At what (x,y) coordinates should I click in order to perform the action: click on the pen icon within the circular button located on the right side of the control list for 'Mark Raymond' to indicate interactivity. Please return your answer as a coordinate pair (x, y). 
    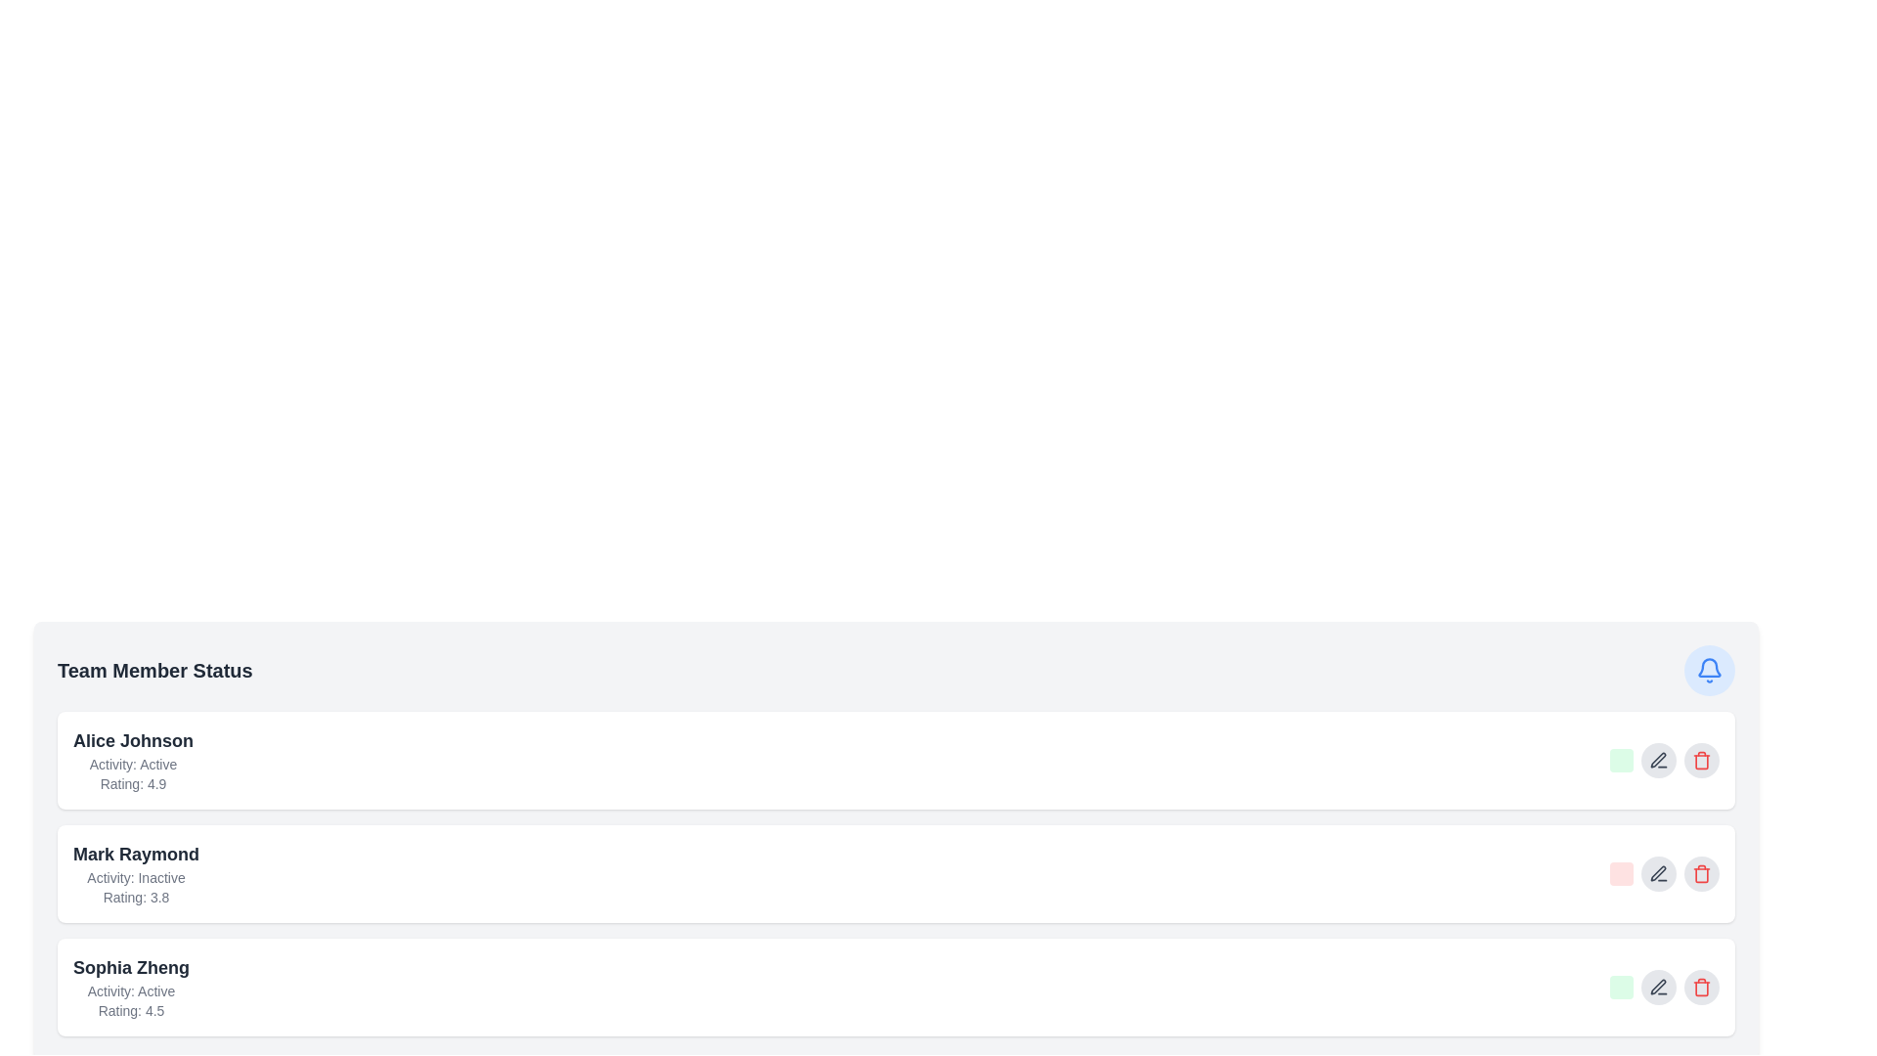
    Looking at the image, I should click on (1658, 873).